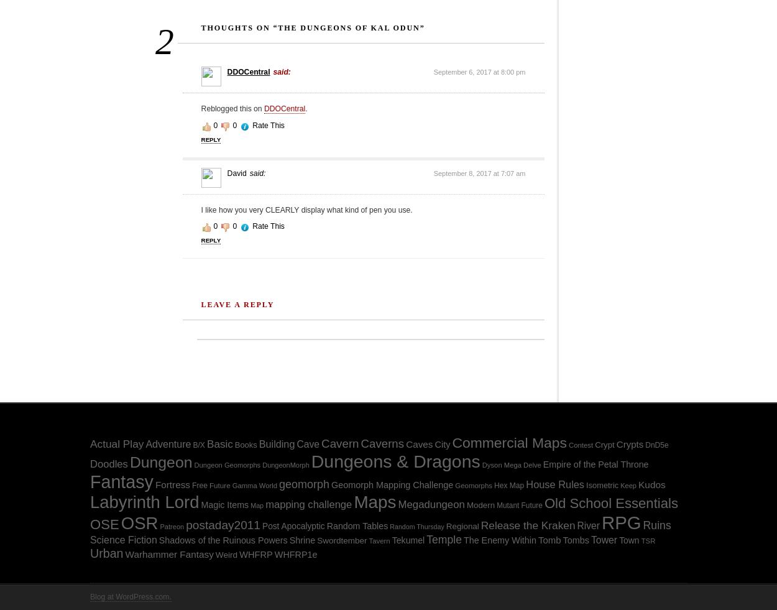 This screenshot has width=777, height=610. Describe the element at coordinates (604, 445) in the screenshot. I see `'Crypt'` at that location.